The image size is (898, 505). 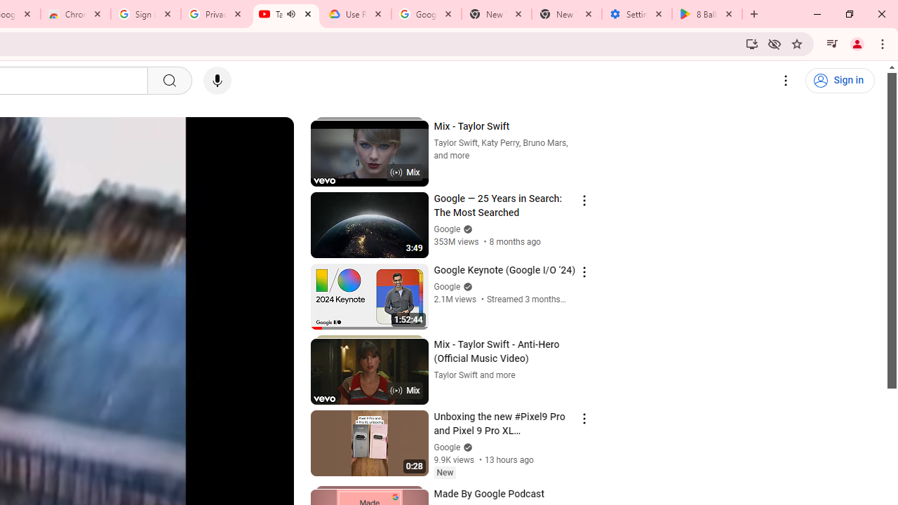 I want to click on 'Settings - System', so click(x=636, y=14).